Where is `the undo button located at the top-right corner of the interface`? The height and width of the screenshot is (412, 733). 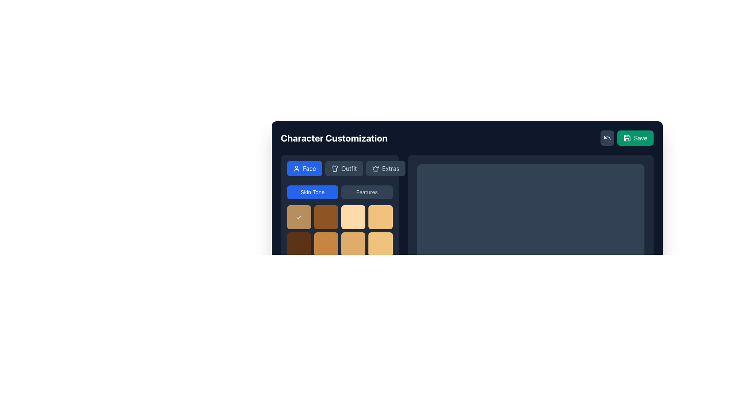
the undo button located at the top-right corner of the interface is located at coordinates (607, 138).